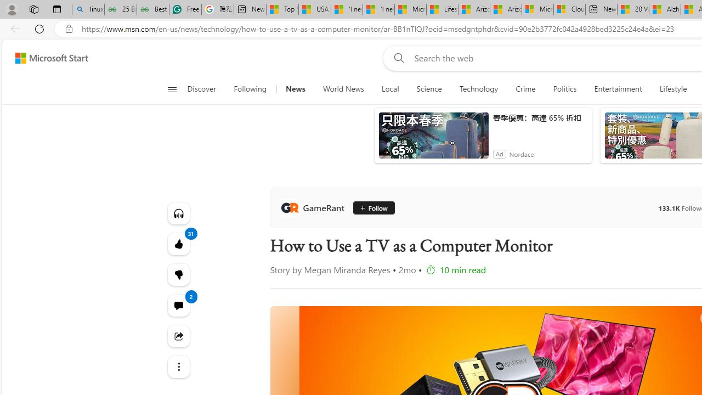 The width and height of the screenshot is (702, 395). What do you see at coordinates (672, 89) in the screenshot?
I see `'Lifestyle'` at bounding box center [672, 89].